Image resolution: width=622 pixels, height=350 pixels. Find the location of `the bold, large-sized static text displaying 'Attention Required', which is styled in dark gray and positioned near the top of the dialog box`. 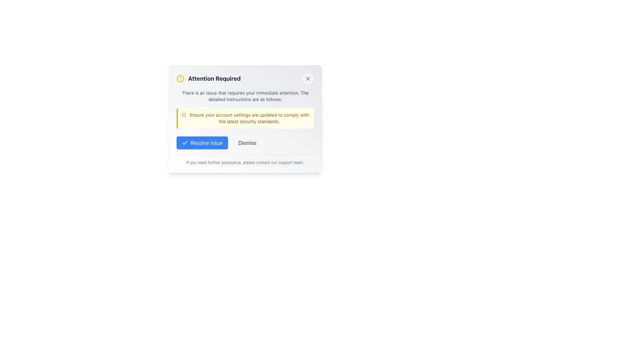

the bold, large-sized static text displaying 'Attention Required', which is styled in dark gray and positioned near the top of the dialog box is located at coordinates (214, 78).